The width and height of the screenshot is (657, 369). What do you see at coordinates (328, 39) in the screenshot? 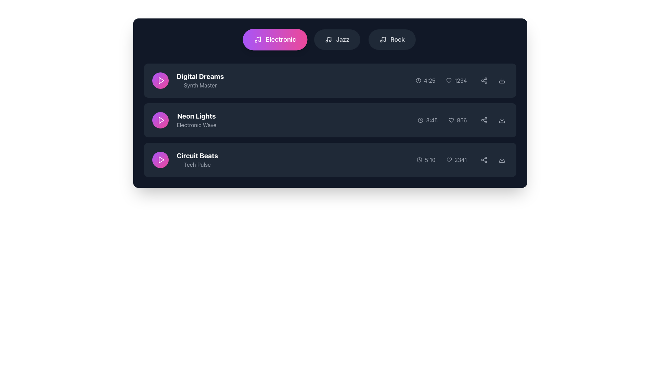
I see `the 'Jazz' category icon, which is represented by a music note and is located in the middle of the top navigation bar, to the left of the text 'Jazz'` at bounding box center [328, 39].